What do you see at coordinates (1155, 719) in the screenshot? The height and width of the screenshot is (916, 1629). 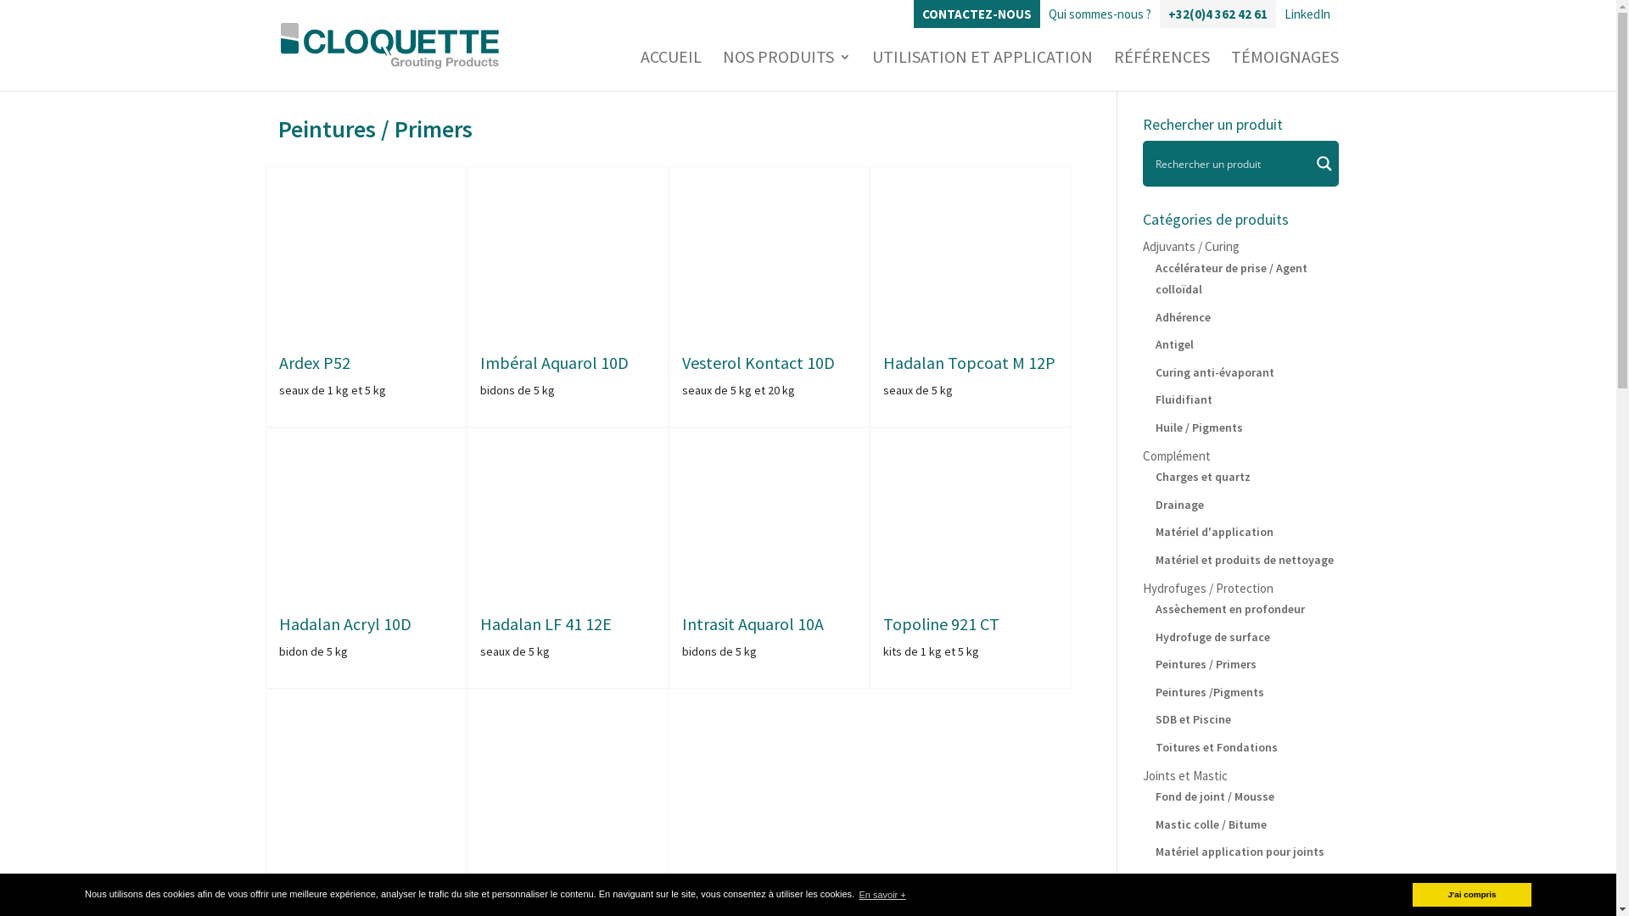 I see `'SDB et Piscine'` at bounding box center [1155, 719].